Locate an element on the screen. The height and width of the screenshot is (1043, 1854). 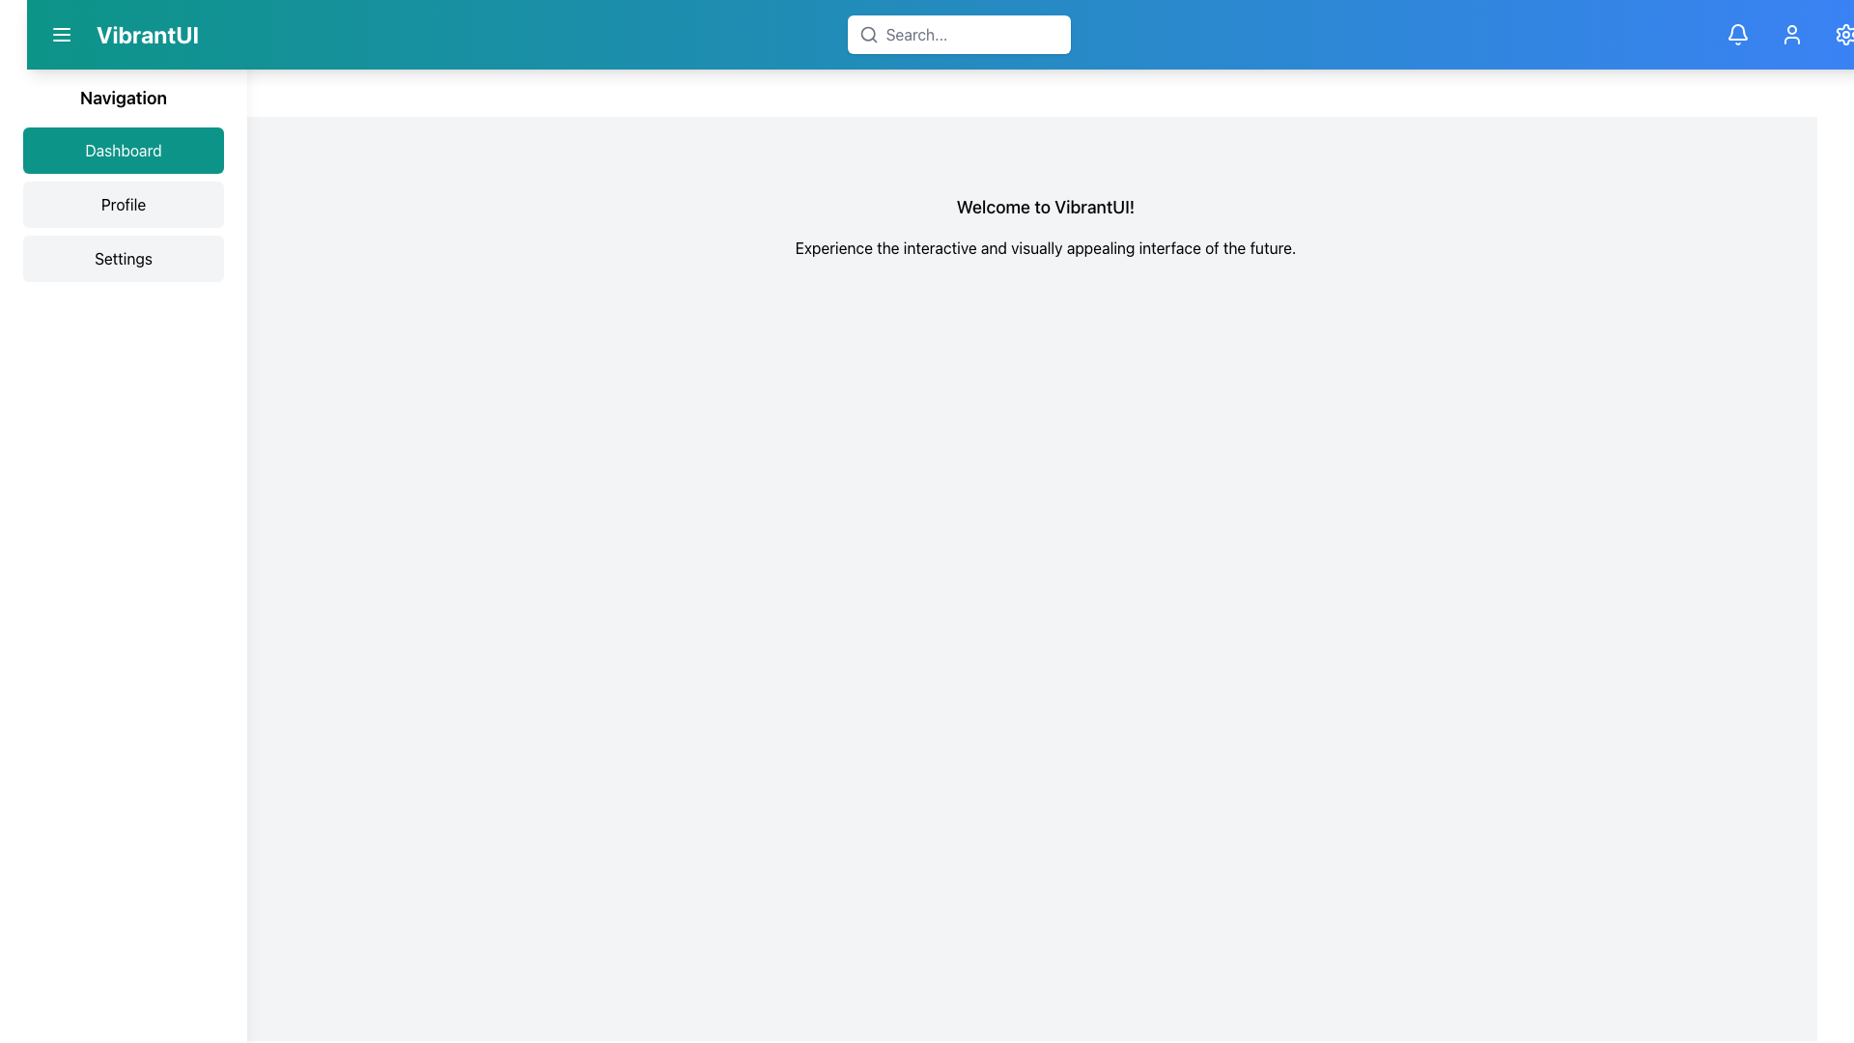
the user account icon, which is styled with a simplistic outline symbol of a head and shoulders, located in the top-right corner of the interface is located at coordinates (1791, 34).